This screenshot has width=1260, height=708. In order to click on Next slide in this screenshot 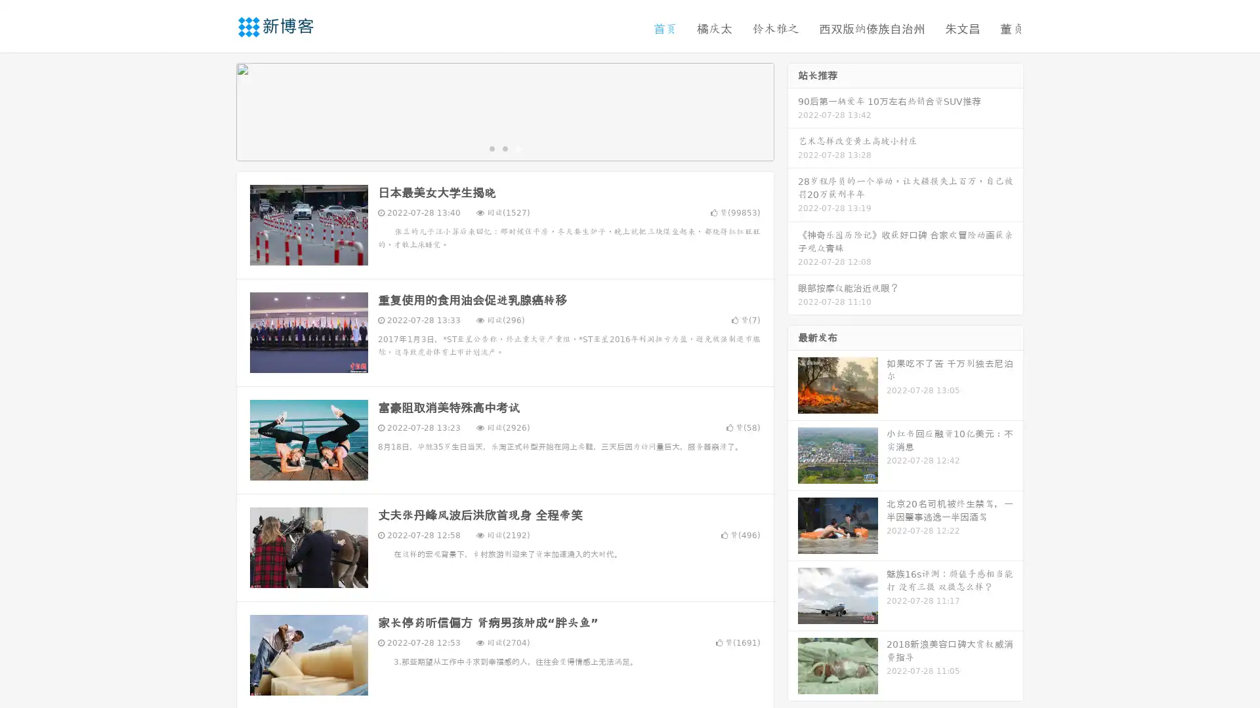, I will do `click(793, 110)`.